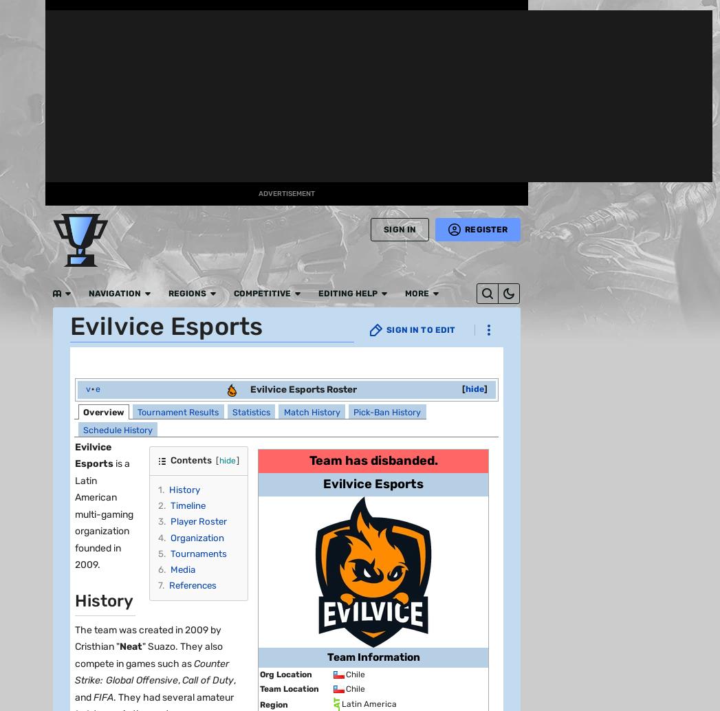 The height and width of the screenshot is (711, 720). Describe the element at coordinates (21, 394) in the screenshot. I see `'Video'` at that location.